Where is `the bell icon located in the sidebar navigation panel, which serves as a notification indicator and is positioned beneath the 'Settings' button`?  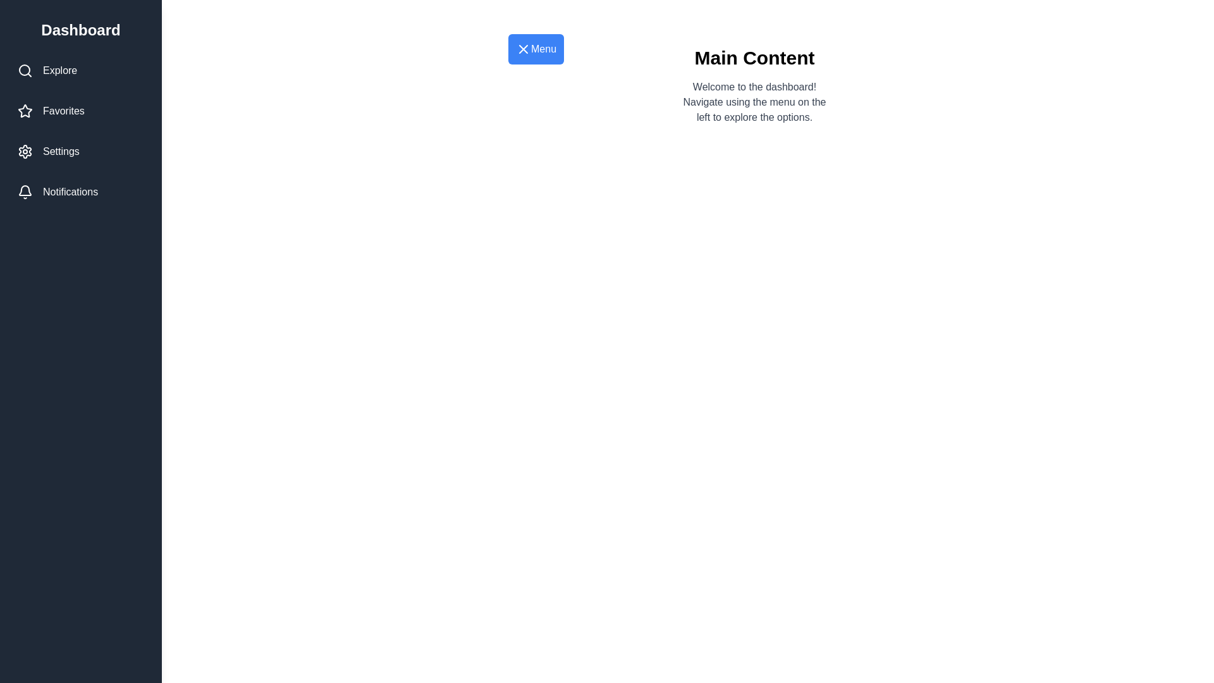
the bell icon located in the sidebar navigation panel, which serves as a notification indicator and is positioned beneath the 'Settings' button is located at coordinates (25, 190).